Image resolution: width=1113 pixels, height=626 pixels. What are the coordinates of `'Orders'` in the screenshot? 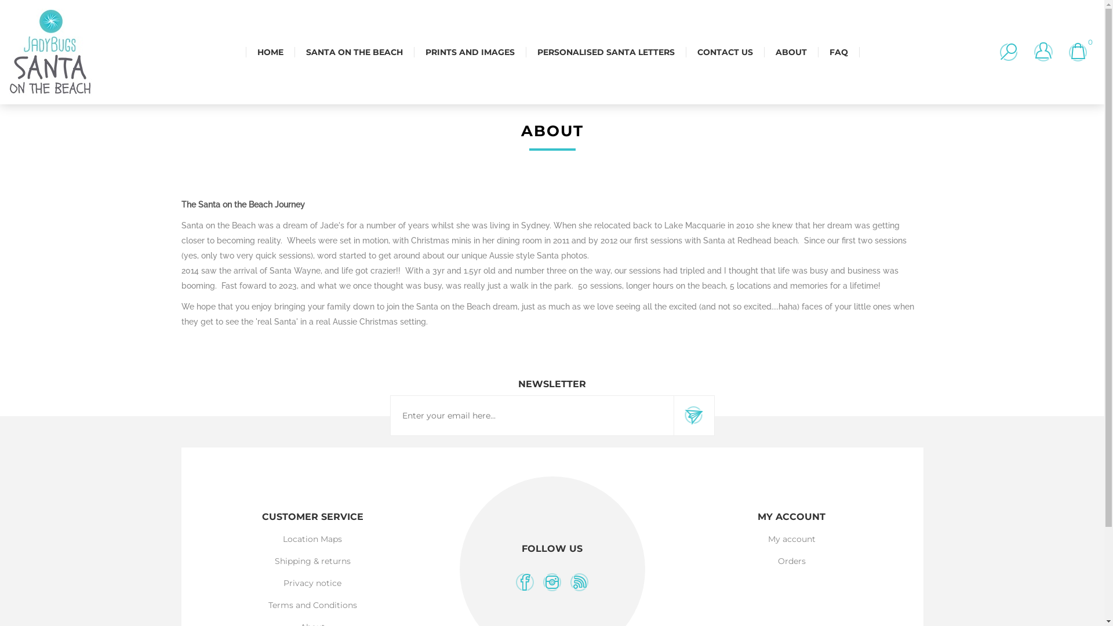 It's located at (791, 561).